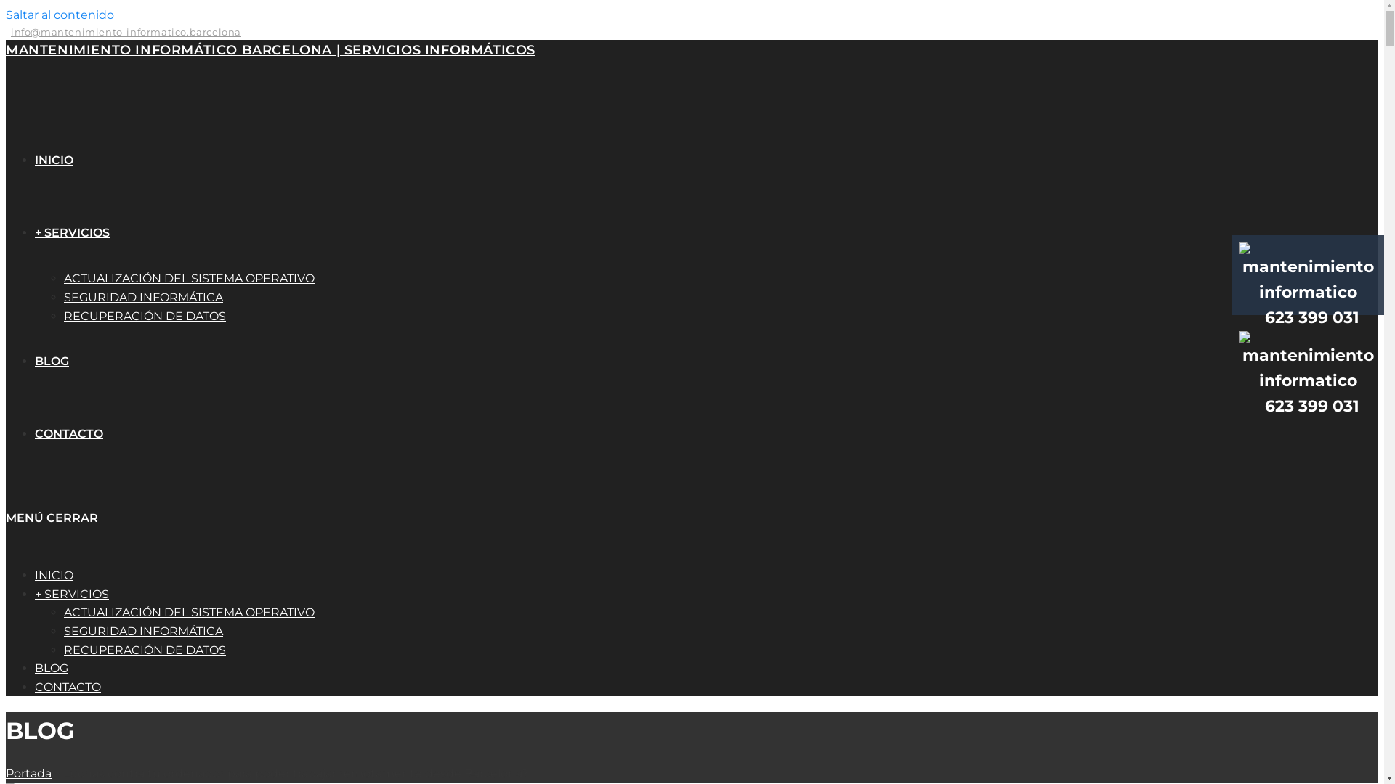 The height and width of the screenshot is (784, 1395). What do you see at coordinates (54, 574) in the screenshot?
I see `'INICIO'` at bounding box center [54, 574].